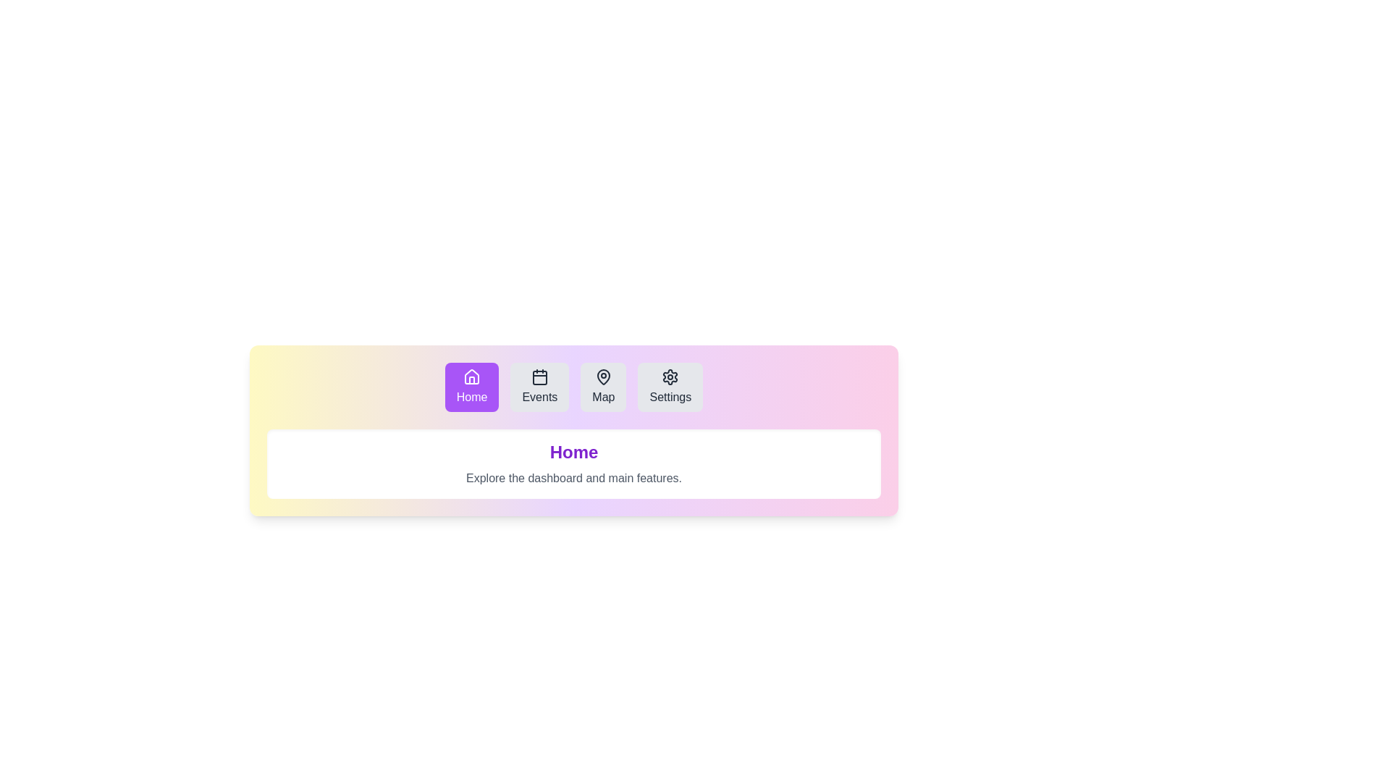 The width and height of the screenshot is (1390, 782). I want to click on the Map tab to select it, so click(604, 387).